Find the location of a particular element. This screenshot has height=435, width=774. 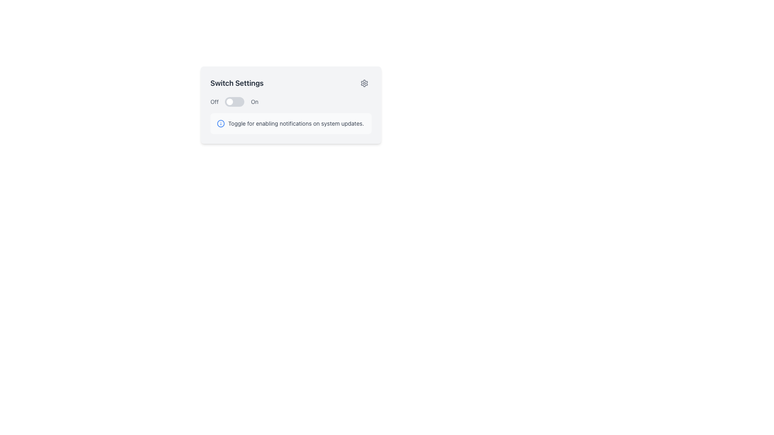

the prominent title text labeled 'Switch Settings' that is styled in a larger bold font and is dark gray on a light background is located at coordinates (236, 83).